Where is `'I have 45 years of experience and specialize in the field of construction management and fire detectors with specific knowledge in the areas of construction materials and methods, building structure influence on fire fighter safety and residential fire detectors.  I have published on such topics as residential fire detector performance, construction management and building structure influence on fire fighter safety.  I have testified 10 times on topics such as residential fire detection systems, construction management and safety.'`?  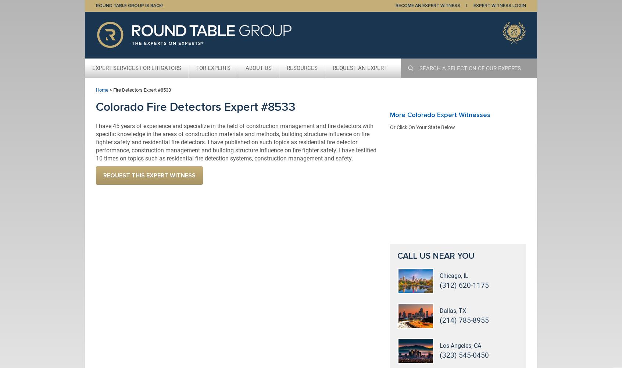 'I have 45 years of experience and specialize in the field of construction management and fire detectors with specific knowledge in the areas of construction materials and methods, building structure influence on fire fighter safety and residential fire detectors.  I have published on such topics as residential fire detector performance, construction management and building structure influence on fire fighter safety.  I have testified 10 times on topics such as residential fire detection systems, construction management and safety.' is located at coordinates (236, 142).